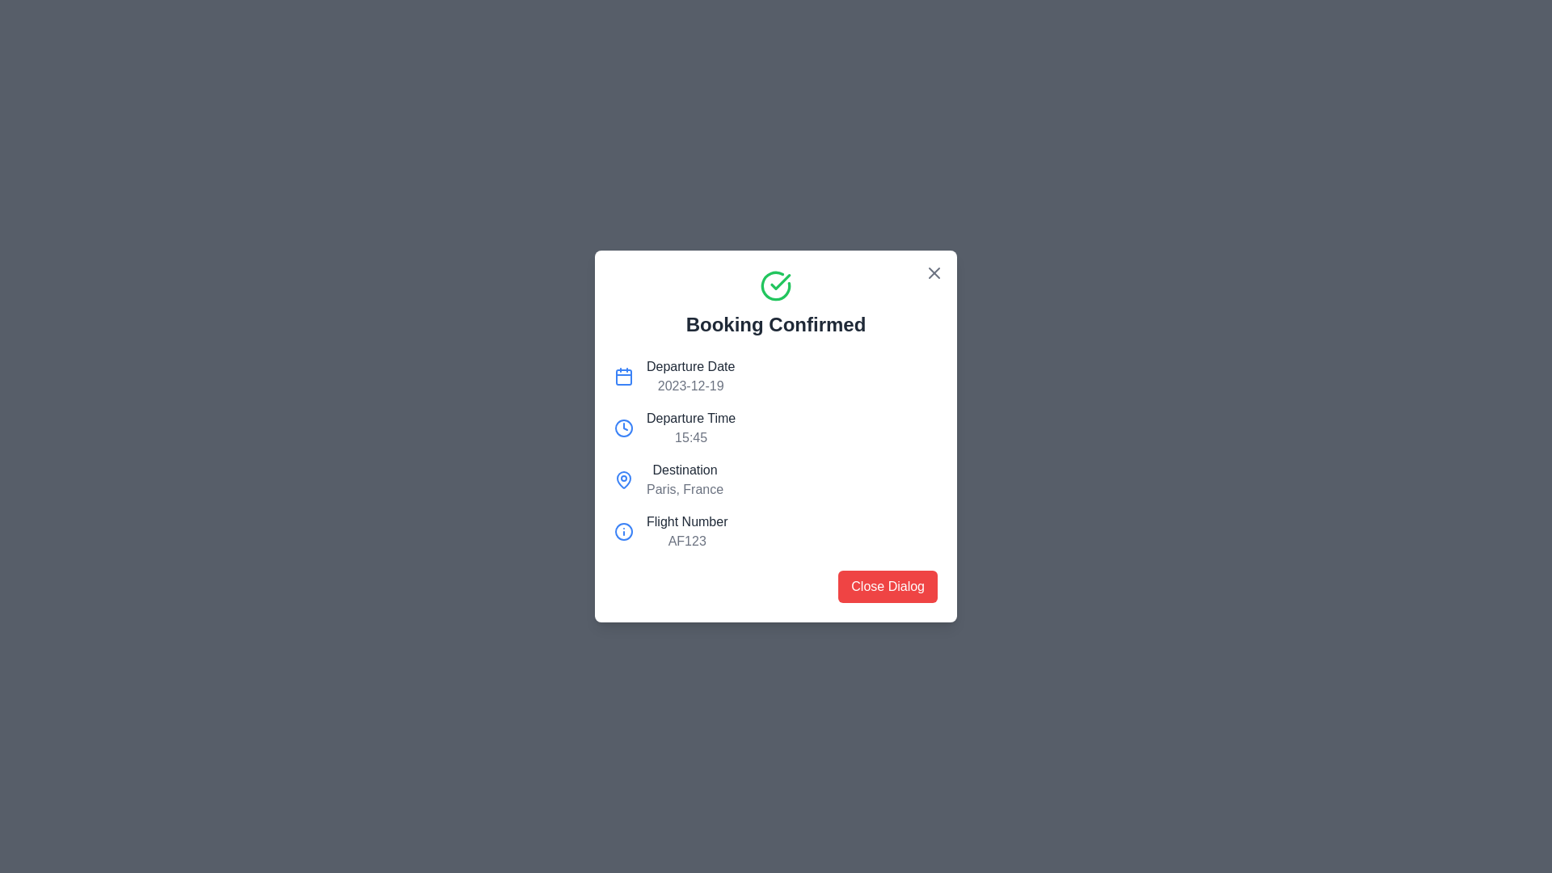 Image resolution: width=1552 pixels, height=873 pixels. What do you see at coordinates (687, 532) in the screenshot?
I see `the 'Flight Number' text label pair, which displays 'Flight Number' in a medium font and 'AF123' in a smaller gray font, located in the lower part of the dialog box as the fourth item in a vertical list` at bounding box center [687, 532].